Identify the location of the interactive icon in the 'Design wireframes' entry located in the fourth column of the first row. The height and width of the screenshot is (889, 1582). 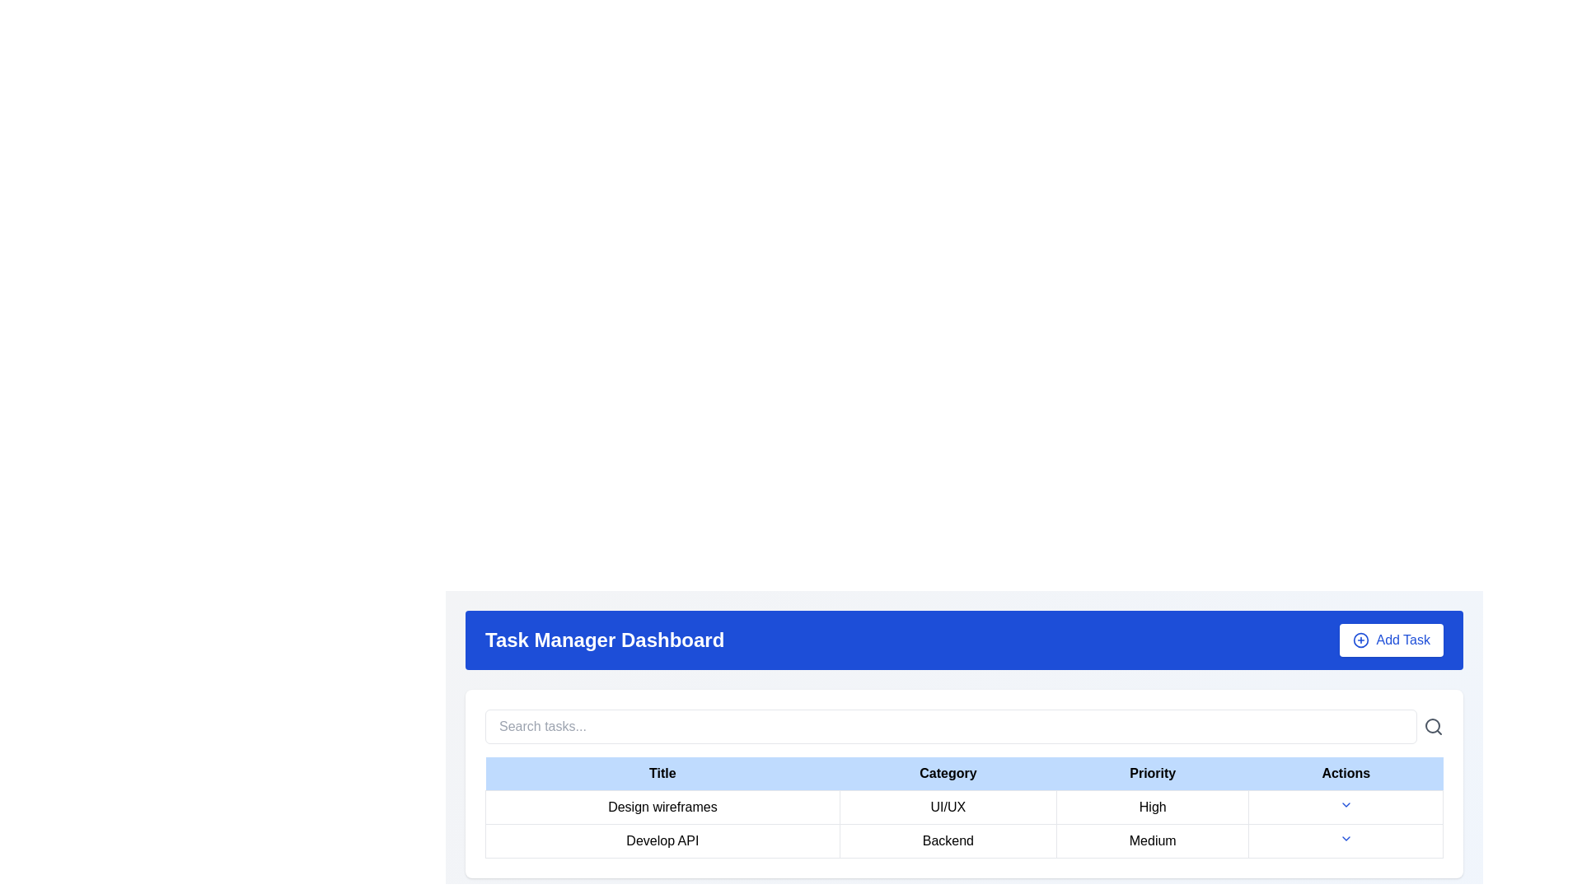
(1346, 806).